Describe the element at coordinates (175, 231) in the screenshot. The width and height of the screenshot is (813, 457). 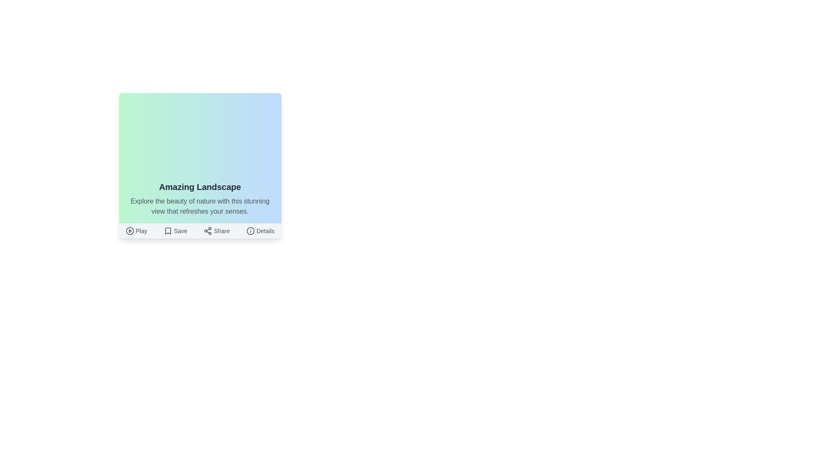
I see `the 'Save' button located between the 'Play' and 'Share' options` at that location.